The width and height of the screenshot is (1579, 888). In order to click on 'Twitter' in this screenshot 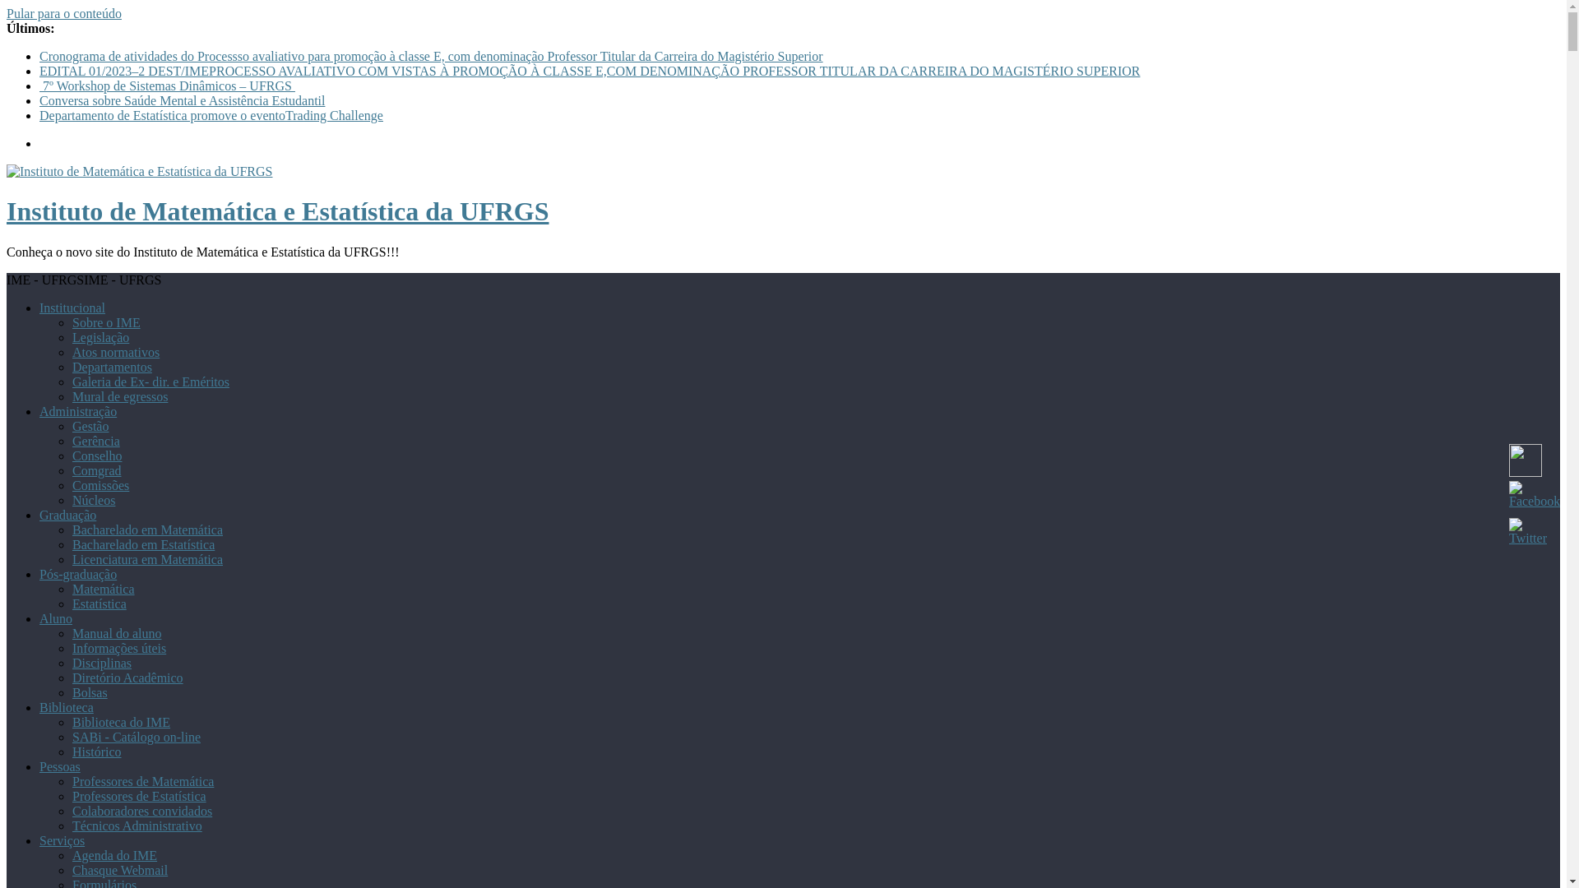, I will do `click(1526, 532)`.